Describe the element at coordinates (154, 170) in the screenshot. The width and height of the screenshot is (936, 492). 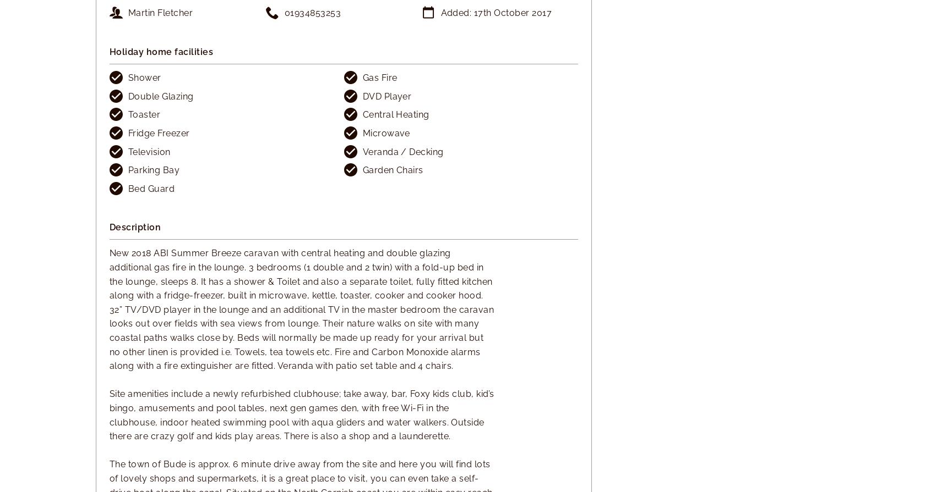
I see `'Parking Bay'` at that location.